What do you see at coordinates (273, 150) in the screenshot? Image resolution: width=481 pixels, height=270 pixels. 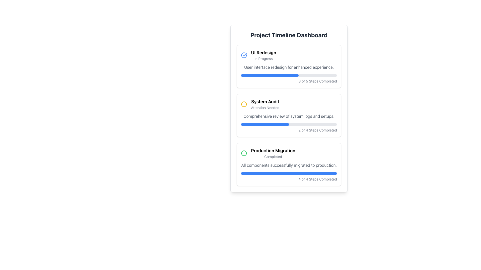 I see `the Text Label indicating 'Production Migration', which serves as the title or heading for the associated content in the third card of a vertically stacked list` at bounding box center [273, 150].